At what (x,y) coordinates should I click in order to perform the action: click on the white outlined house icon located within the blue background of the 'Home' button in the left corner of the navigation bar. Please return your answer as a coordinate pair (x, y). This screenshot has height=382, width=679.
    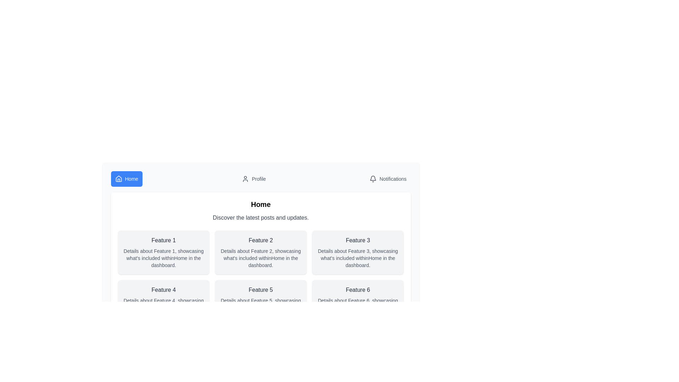
    Looking at the image, I should click on (118, 178).